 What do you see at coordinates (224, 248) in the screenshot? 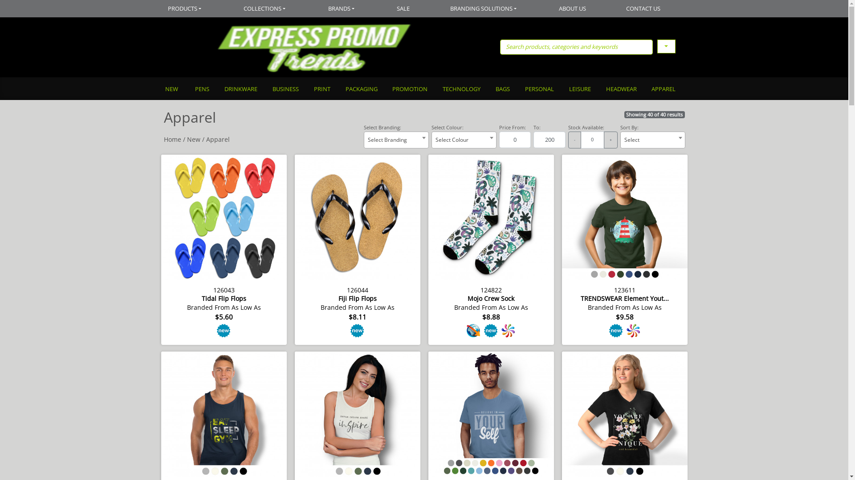
I see `'126043` at bounding box center [224, 248].